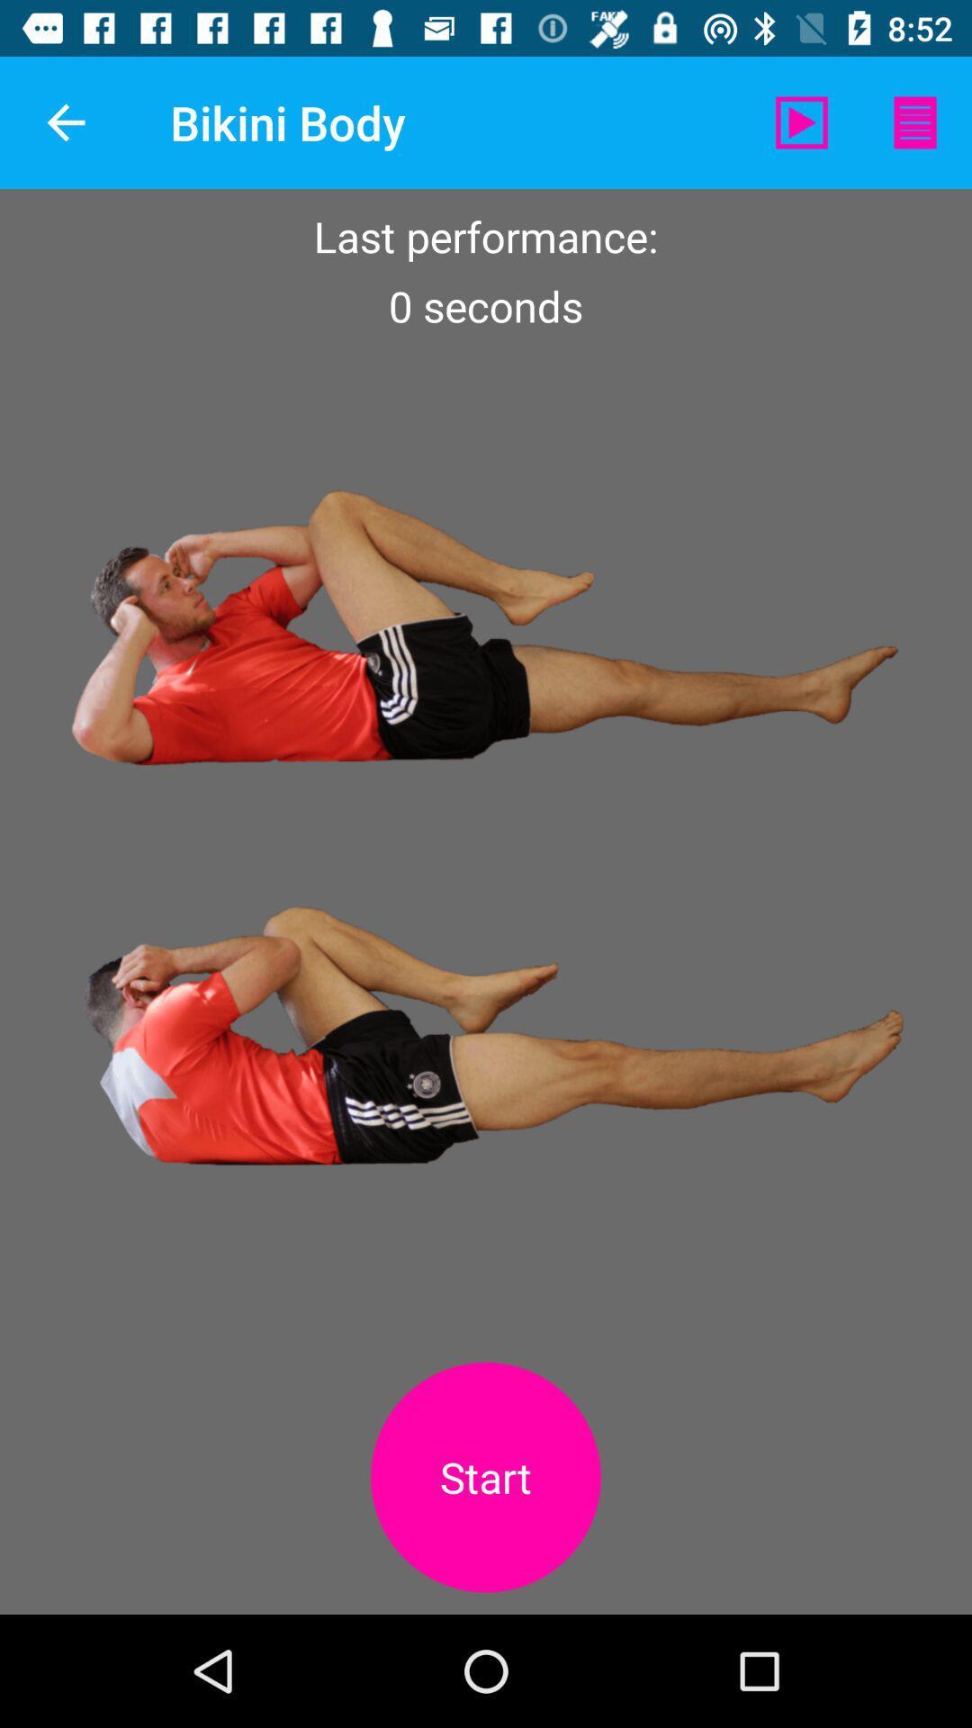  What do you see at coordinates (65, 121) in the screenshot?
I see `the item to the left of the bikini body icon` at bounding box center [65, 121].